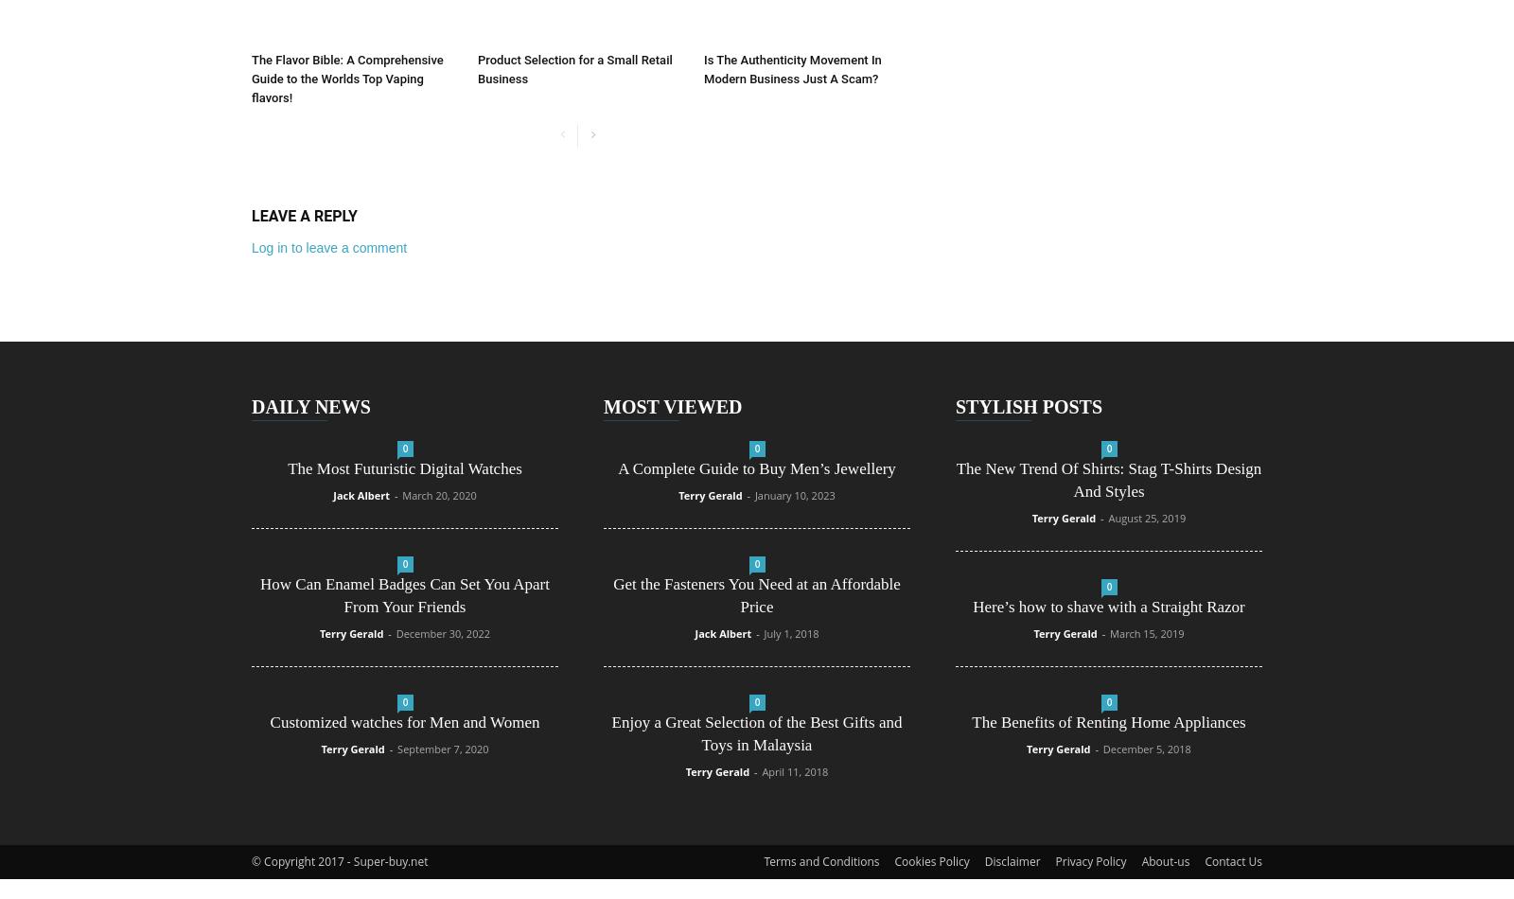  What do you see at coordinates (1029, 405) in the screenshot?
I see `'Stylish Posts'` at bounding box center [1029, 405].